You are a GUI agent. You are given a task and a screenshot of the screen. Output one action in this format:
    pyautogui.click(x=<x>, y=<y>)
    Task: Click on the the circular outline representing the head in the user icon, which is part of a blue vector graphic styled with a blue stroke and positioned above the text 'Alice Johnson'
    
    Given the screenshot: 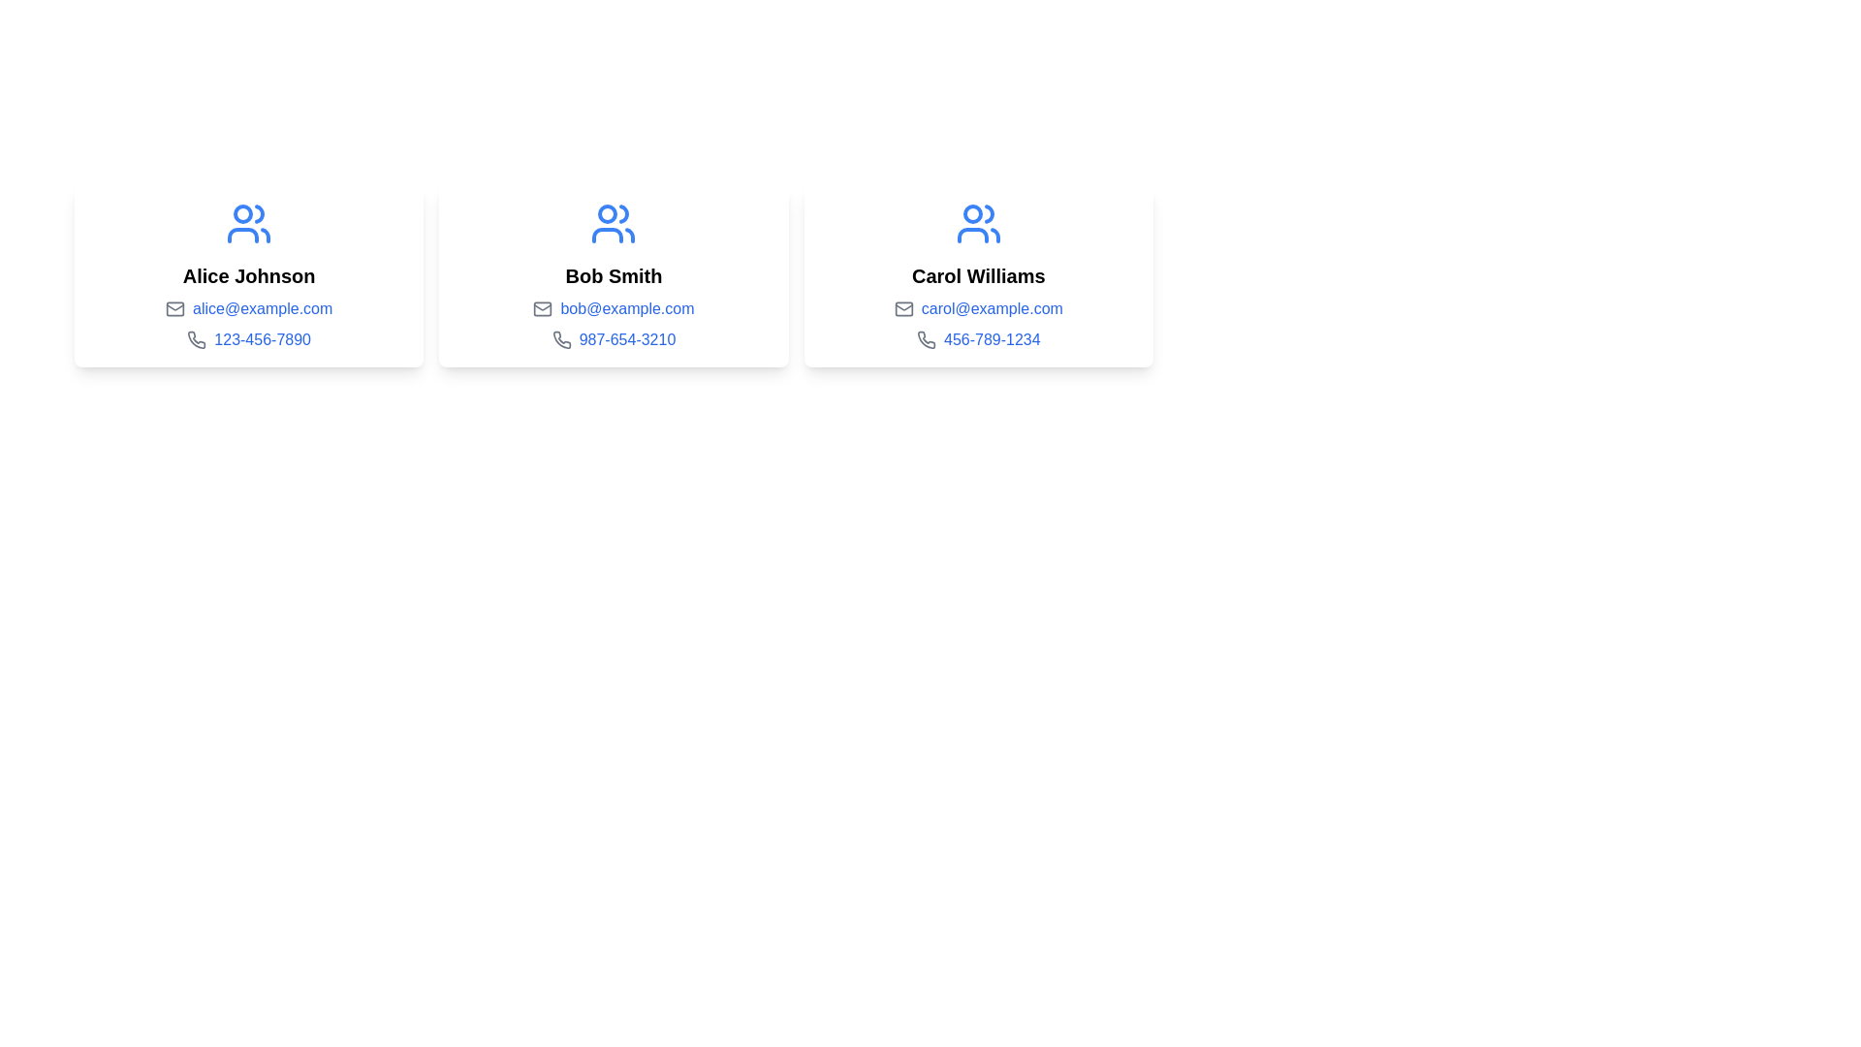 What is the action you would take?
    pyautogui.click(x=242, y=213)
    